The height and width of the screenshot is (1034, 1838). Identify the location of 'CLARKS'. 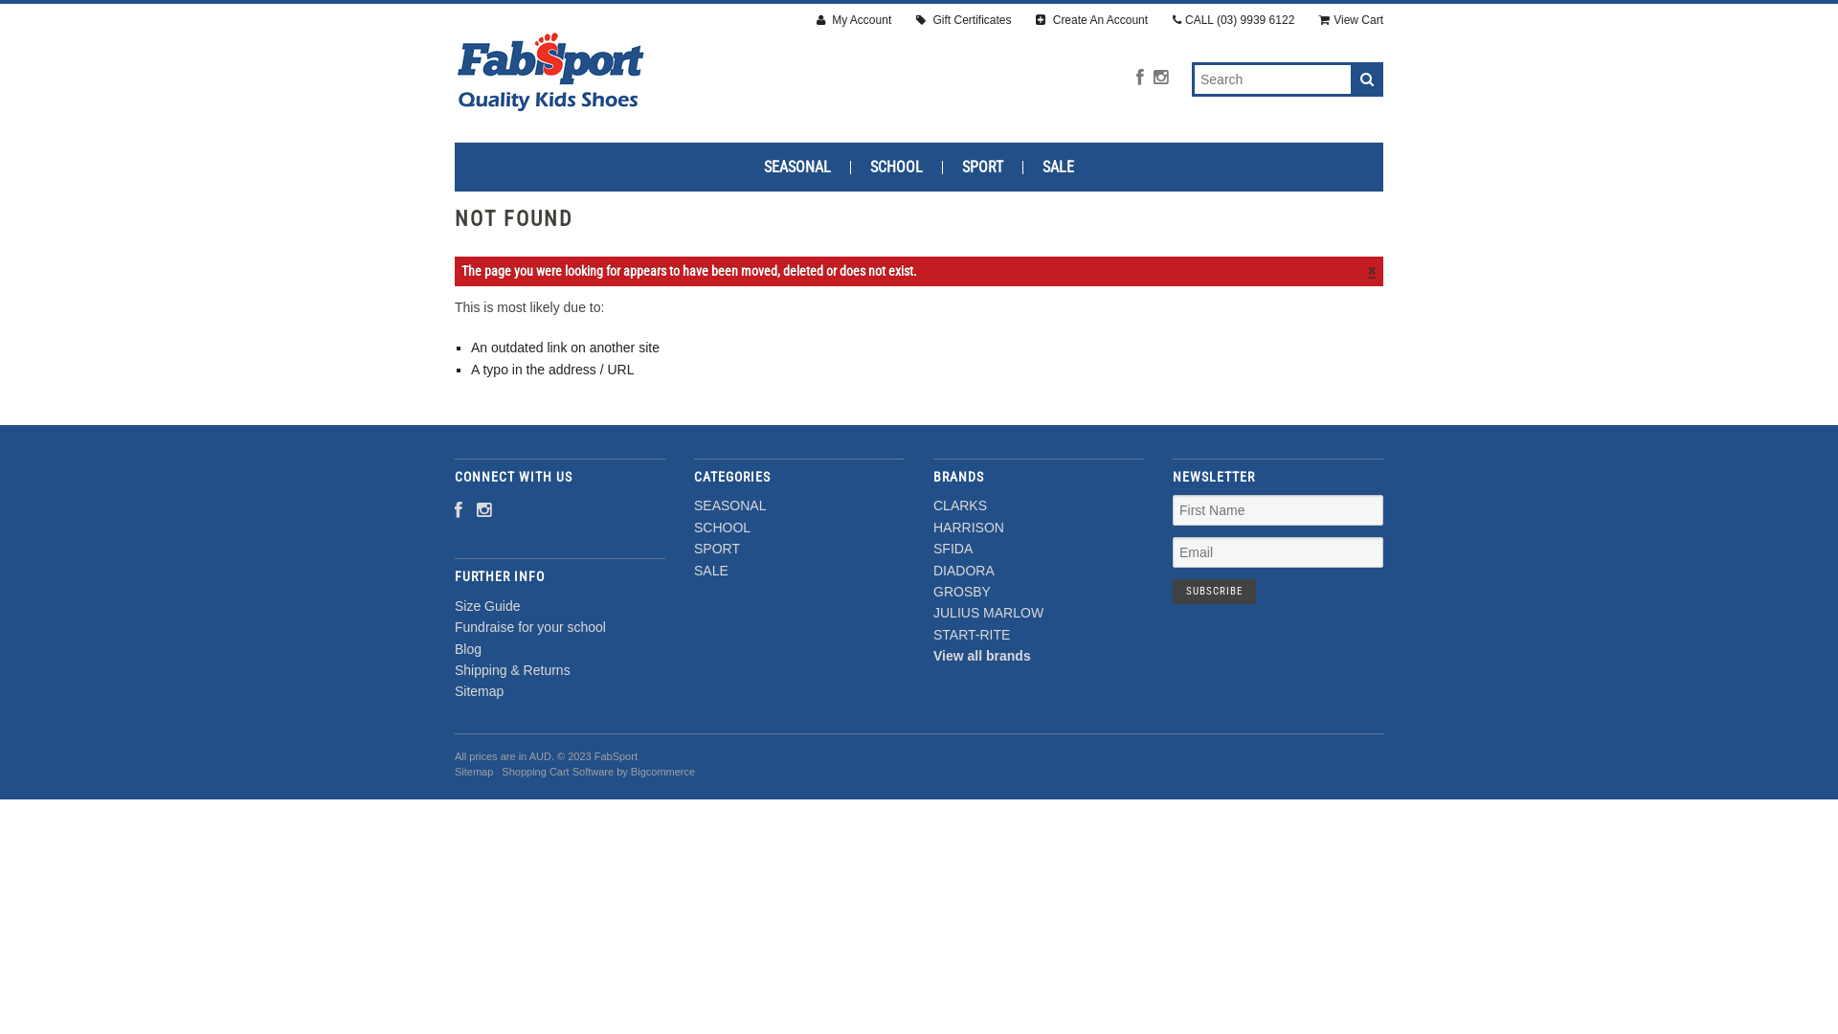
(960, 505).